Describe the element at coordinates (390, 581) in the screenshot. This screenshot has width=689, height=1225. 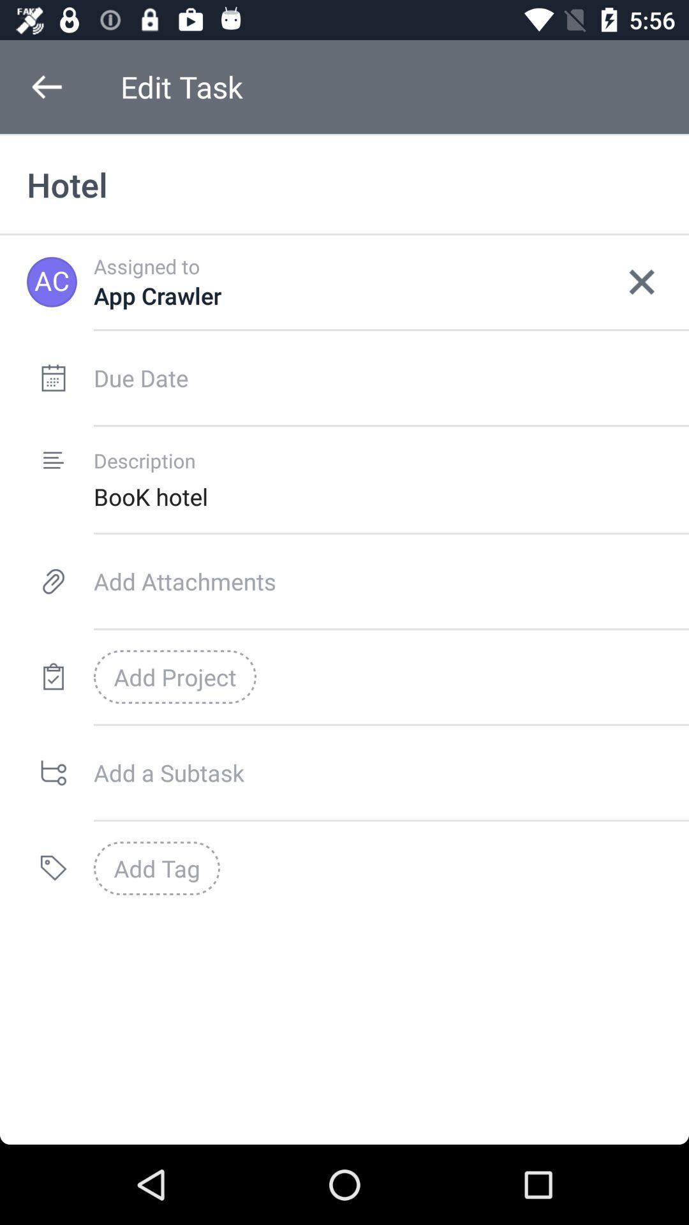
I see `new attachments` at that location.